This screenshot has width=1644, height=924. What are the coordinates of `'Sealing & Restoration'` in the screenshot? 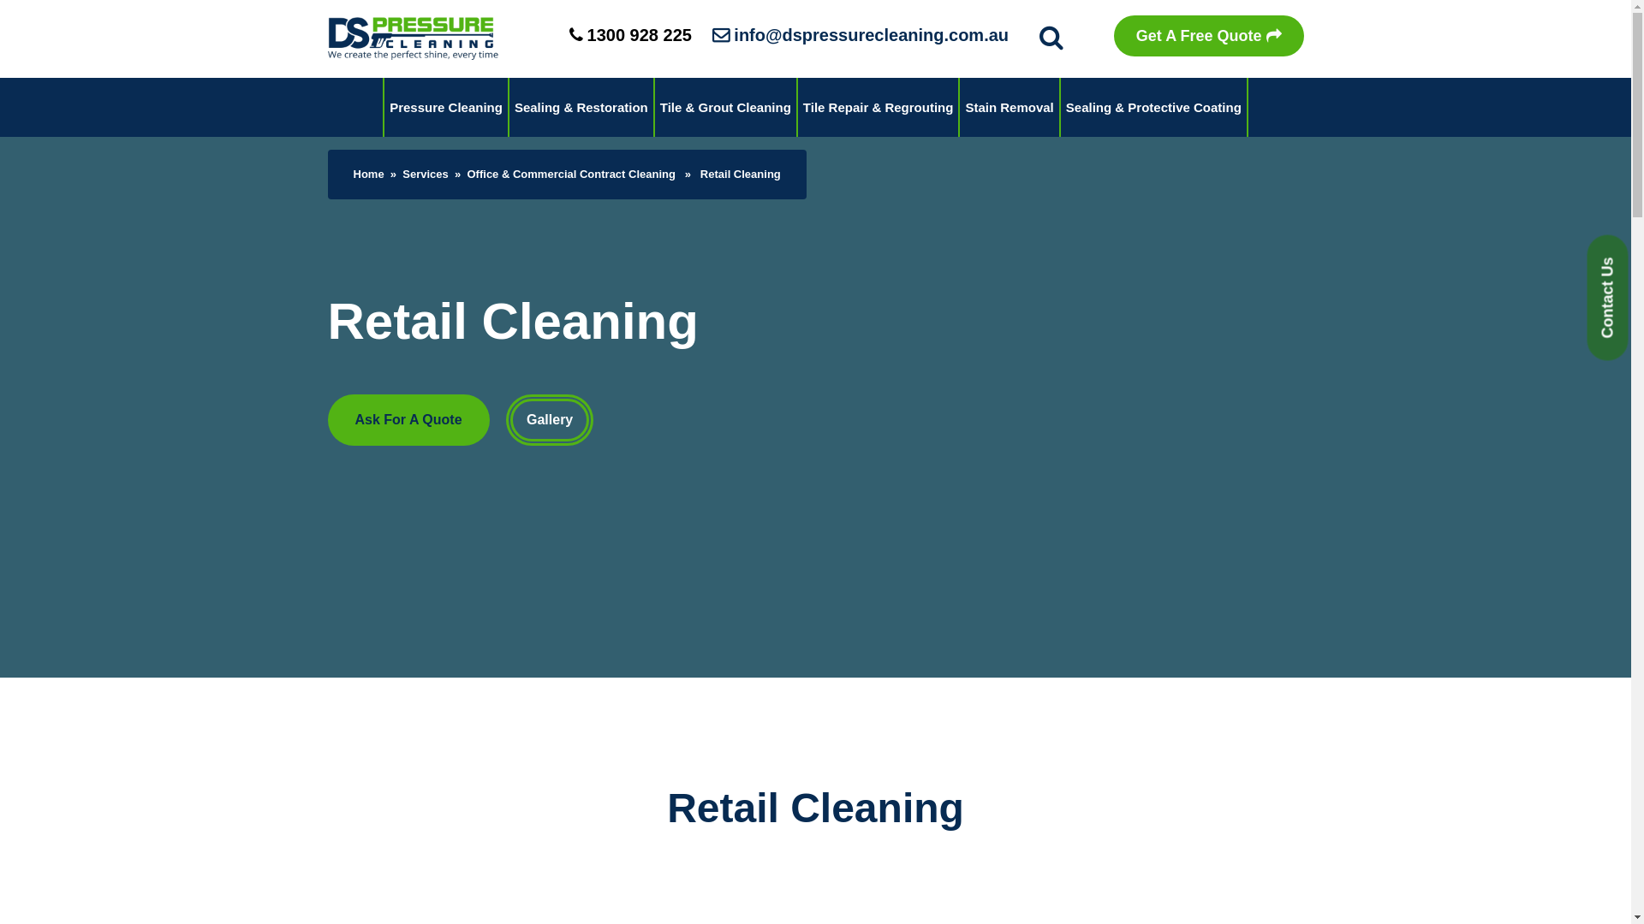 It's located at (509, 107).